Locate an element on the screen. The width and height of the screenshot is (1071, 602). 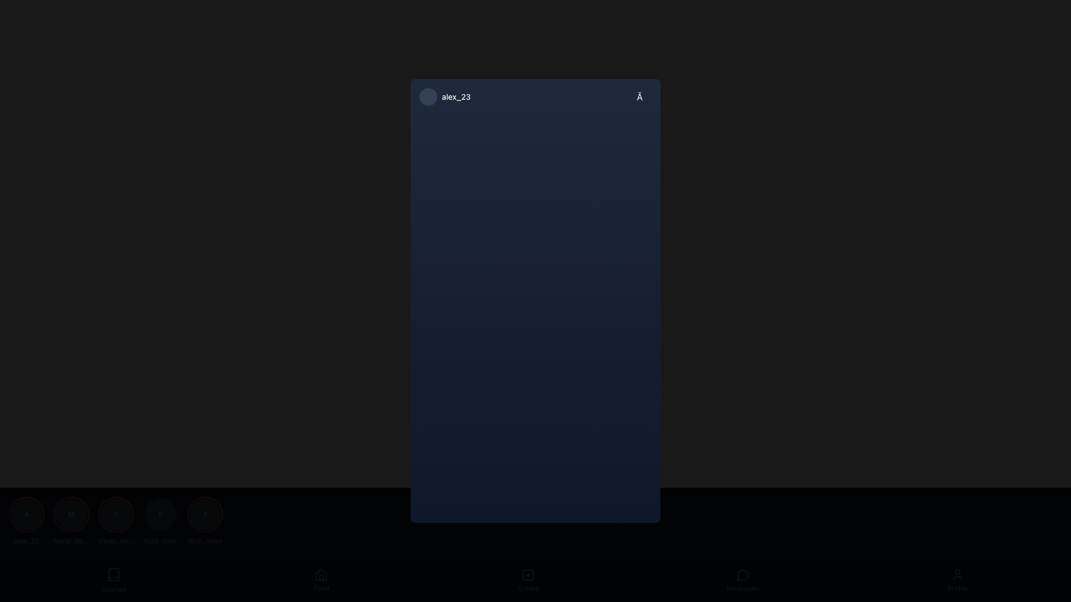
the fourth circular avatar or button in the horizontally scrollable bar at the bottom of the interface is located at coordinates (115, 514).